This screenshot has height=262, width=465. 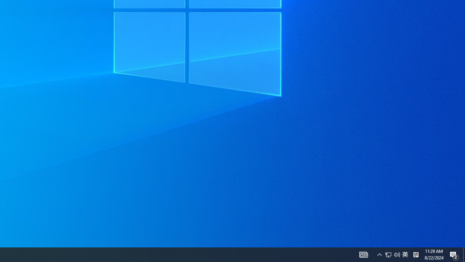 What do you see at coordinates (363, 254) in the screenshot?
I see `'Notification Chevron'` at bounding box center [363, 254].